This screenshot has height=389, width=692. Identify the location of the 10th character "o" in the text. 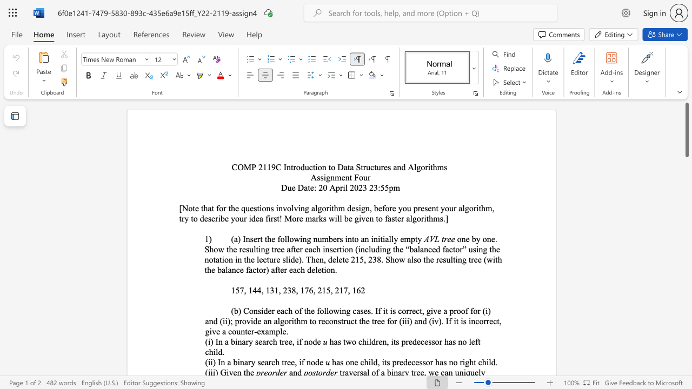
(195, 218).